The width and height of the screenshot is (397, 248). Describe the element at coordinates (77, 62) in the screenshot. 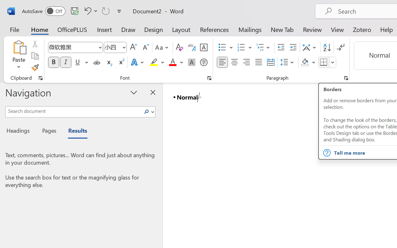

I see `'Underline'` at that location.